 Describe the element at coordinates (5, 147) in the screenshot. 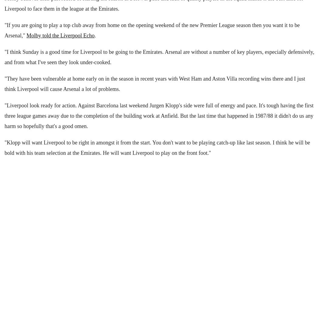

I see `'"Klopp will want Liverpool to be right in amongst it from the start. You don't want to be playing catch-up like last season. I think he will be bold with his team selection at the Emirates. He will want Liverpool to play on the front foot."'` at that location.